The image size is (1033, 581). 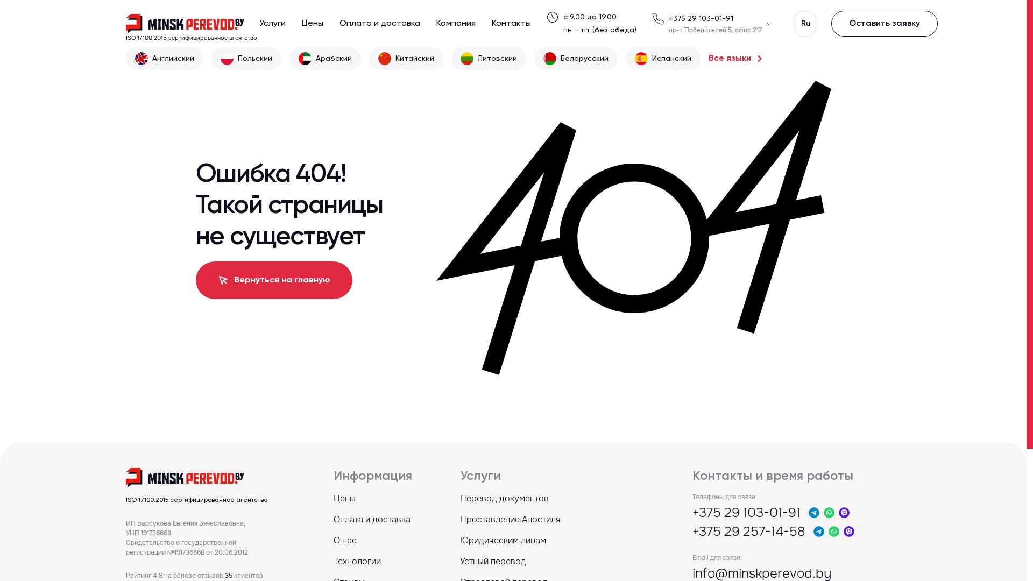 I want to click on '35', so click(x=228, y=575).